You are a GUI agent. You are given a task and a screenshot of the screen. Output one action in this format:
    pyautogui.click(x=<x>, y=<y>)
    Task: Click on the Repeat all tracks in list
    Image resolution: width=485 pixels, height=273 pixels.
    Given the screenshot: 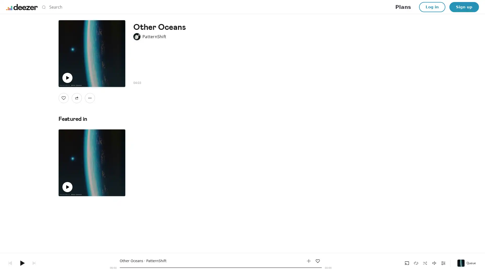 What is the action you would take?
    pyautogui.click(x=416, y=263)
    